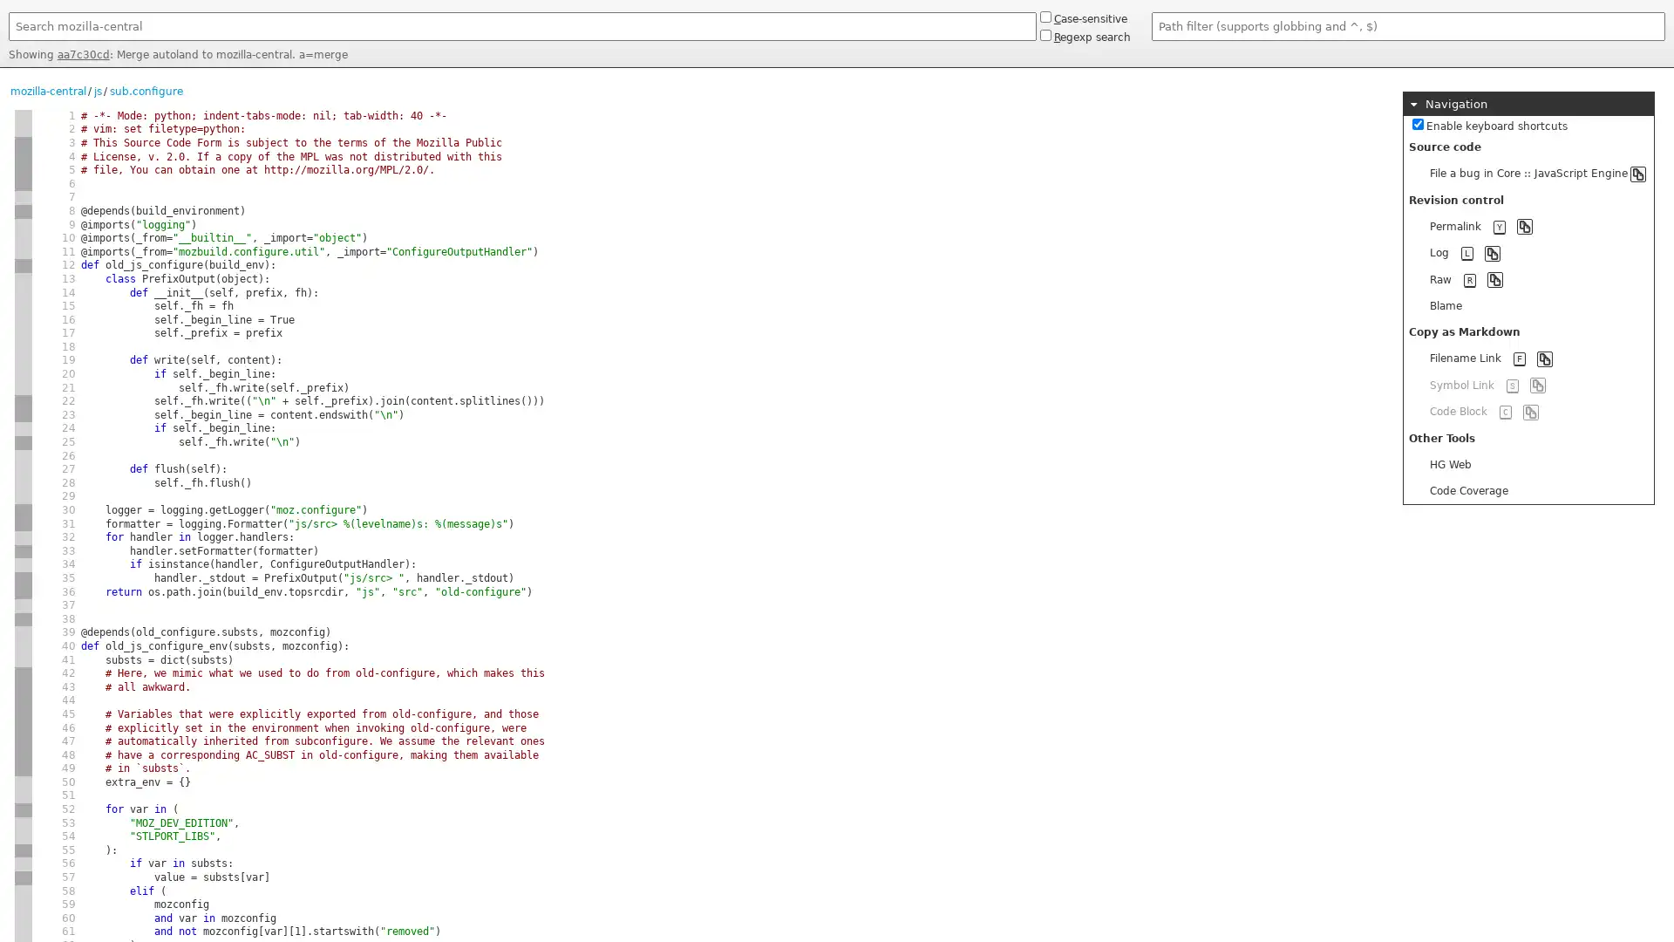 This screenshot has height=942, width=1674. I want to click on same hash 5, so click(24, 659).